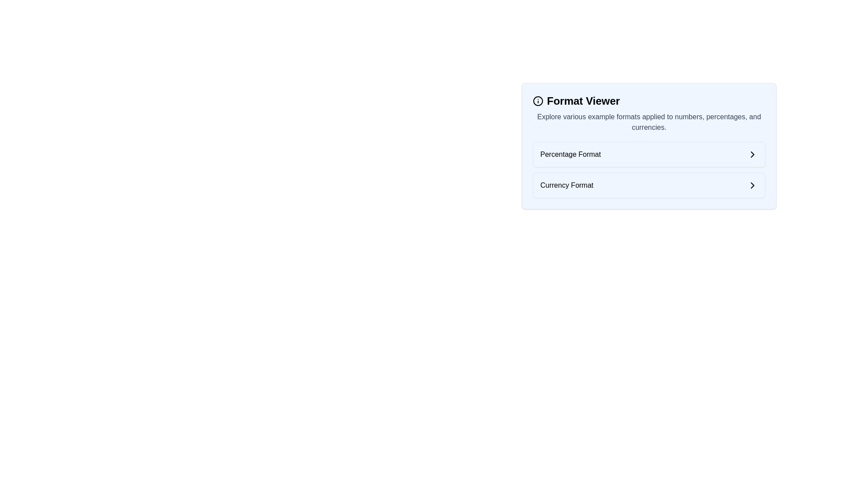  I want to click on the 'Currency Format' label, which is styled in a medium-sized font and is positioned below the 'Percentage Format' text in the 'Format Viewer' card section, so click(566, 185).